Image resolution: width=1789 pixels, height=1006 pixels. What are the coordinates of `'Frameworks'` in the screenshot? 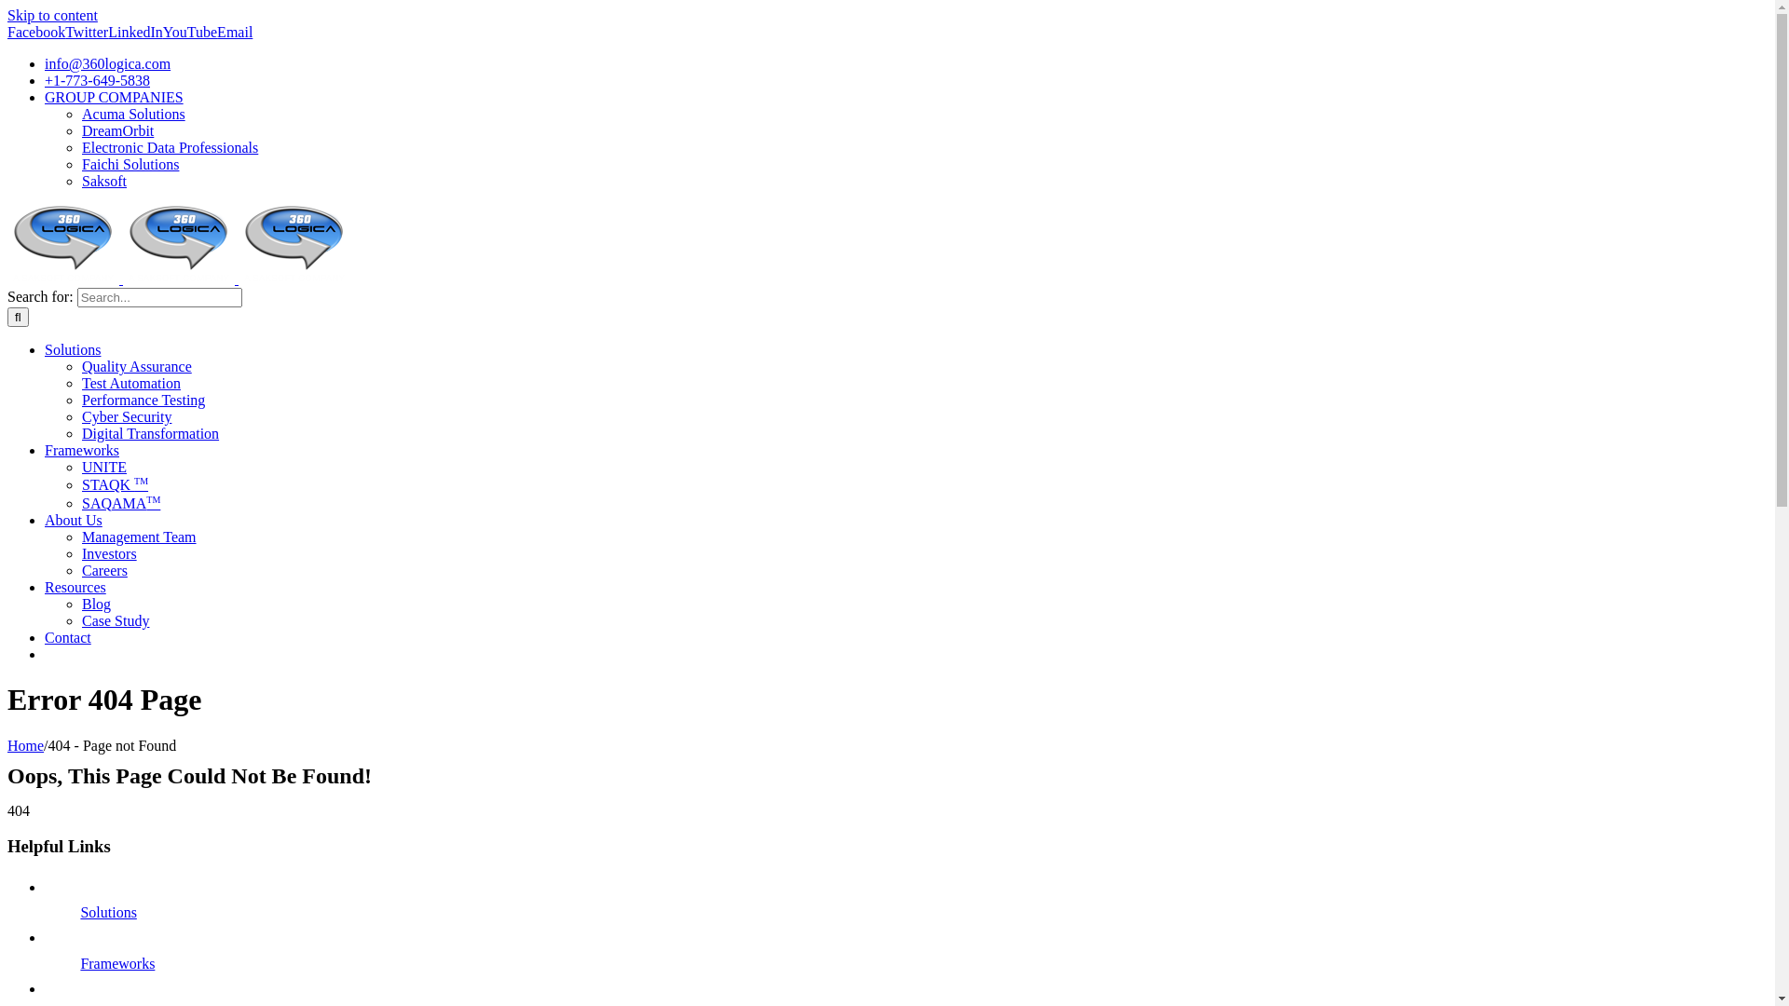 It's located at (45, 450).